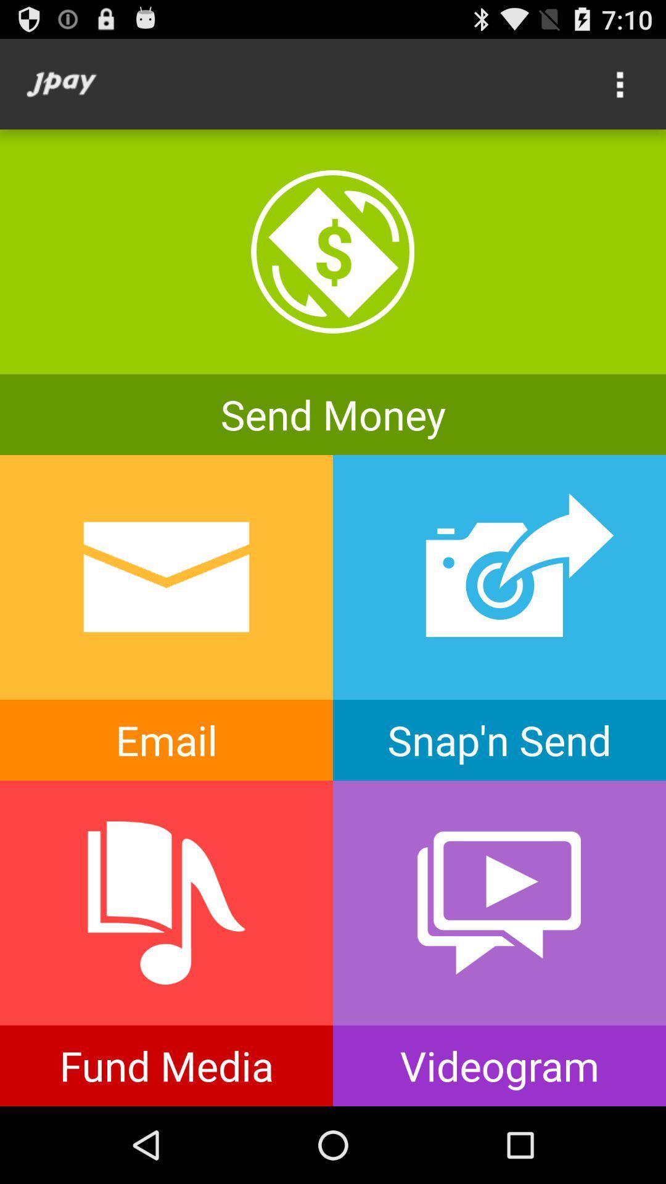 This screenshot has width=666, height=1184. I want to click on pay for music or videos, so click(166, 943).